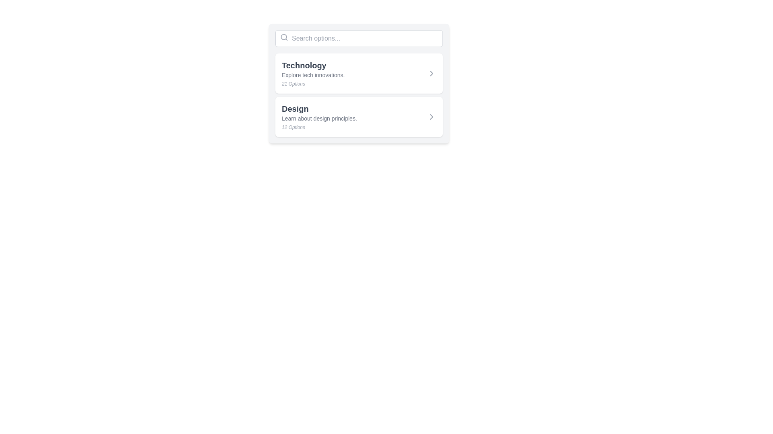 Image resolution: width=773 pixels, height=434 pixels. Describe the element at coordinates (431, 117) in the screenshot. I see `the navigation icon located at the far right of the 'Design' section, which is aligned with the title and supporting text` at that location.